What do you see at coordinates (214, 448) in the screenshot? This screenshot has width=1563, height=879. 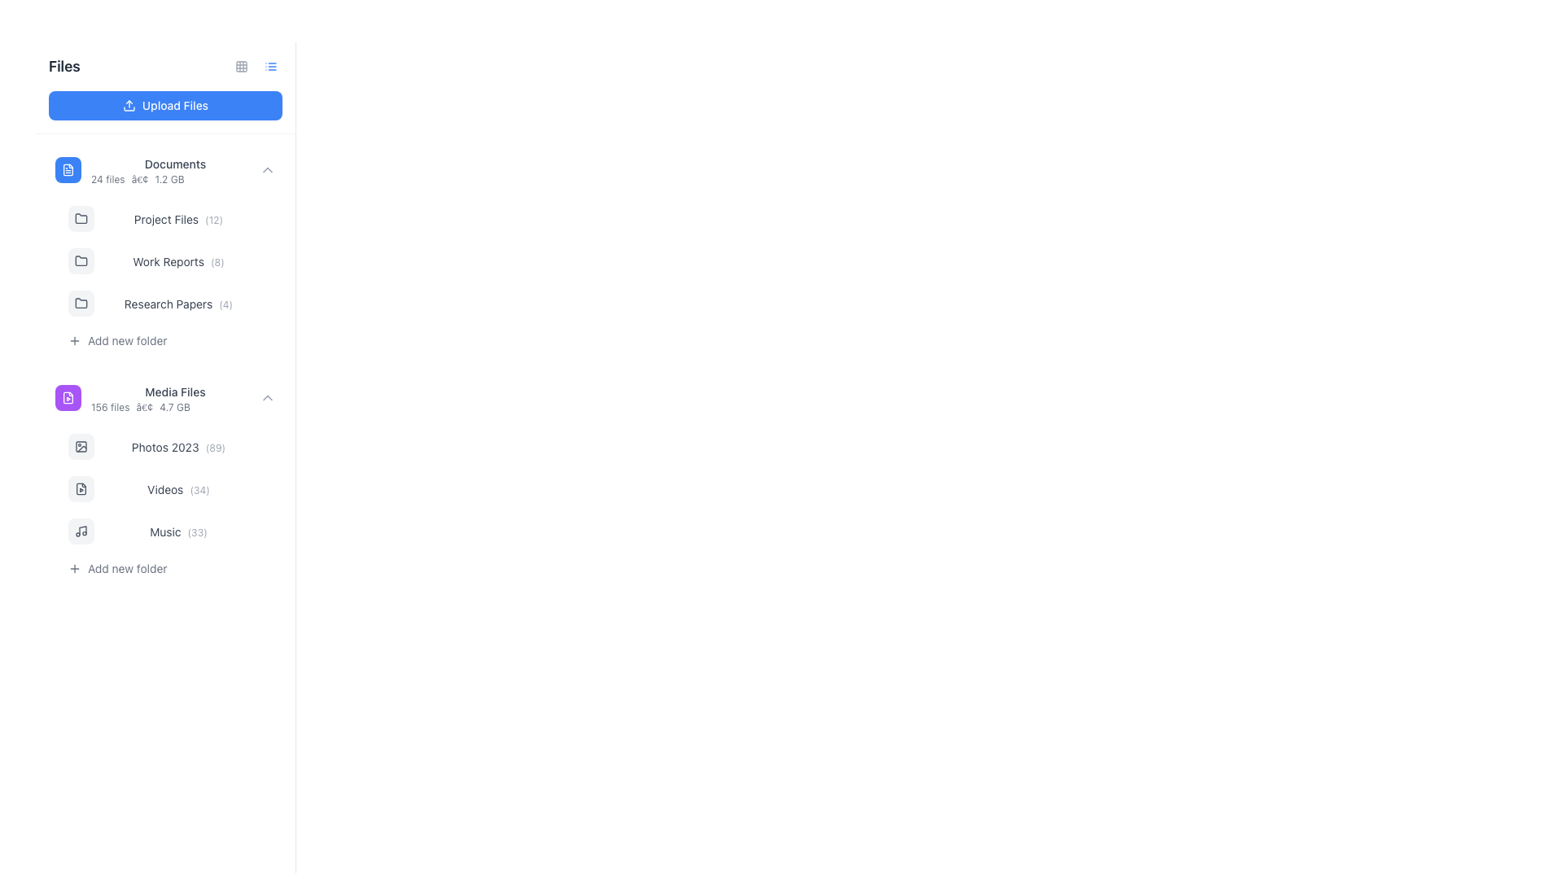 I see `the informational text label displaying the count of items associated with the 'Photos 2023' folder, located in the expandable list under 'Media Files' on the left-hand navigation panel` at bounding box center [214, 448].